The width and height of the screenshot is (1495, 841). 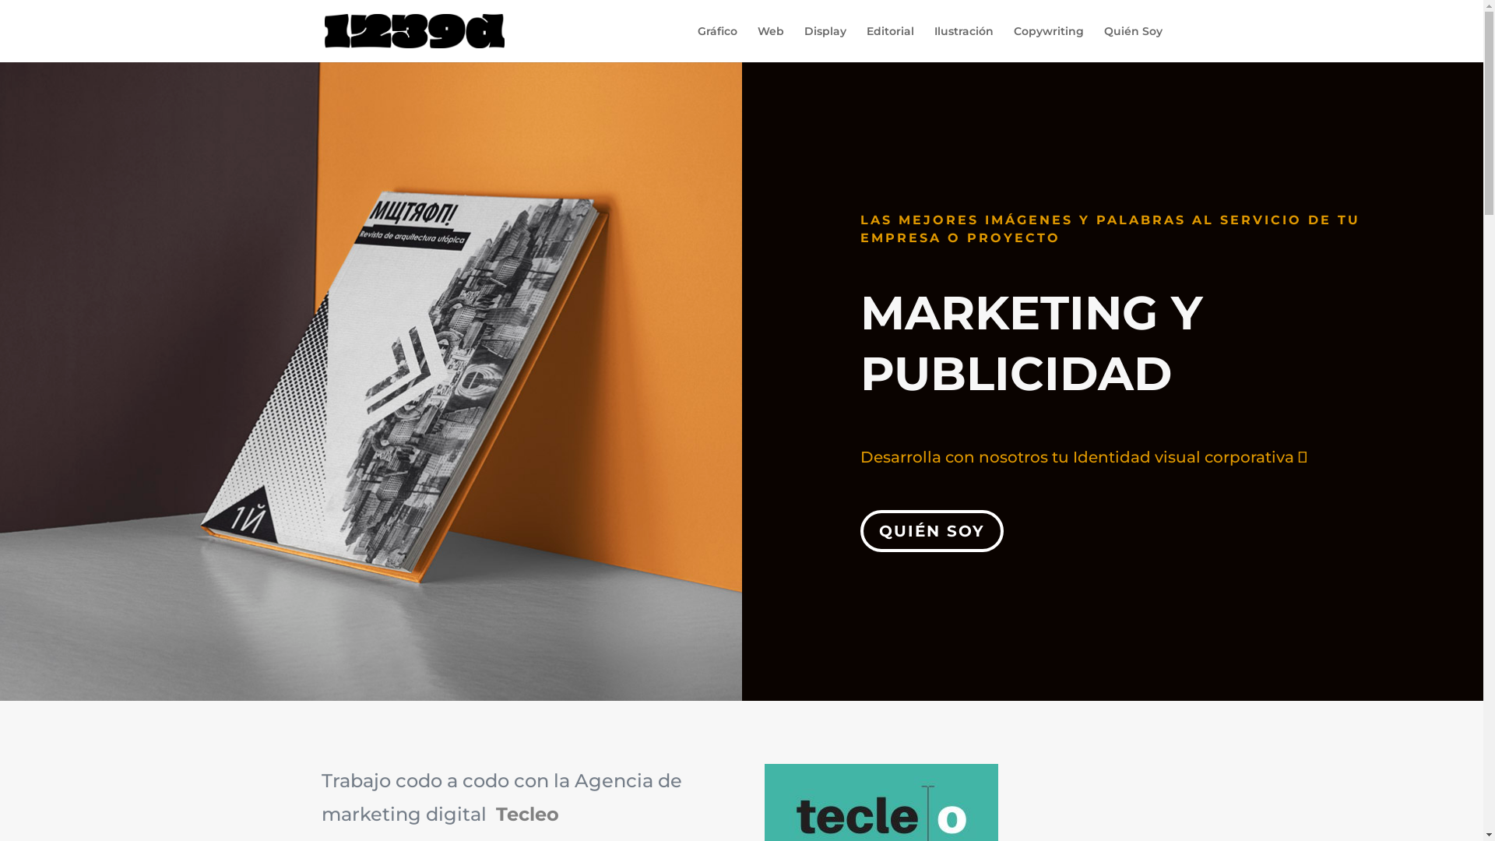 What do you see at coordinates (756, 43) in the screenshot?
I see `'Web'` at bounding box center [756, 43].